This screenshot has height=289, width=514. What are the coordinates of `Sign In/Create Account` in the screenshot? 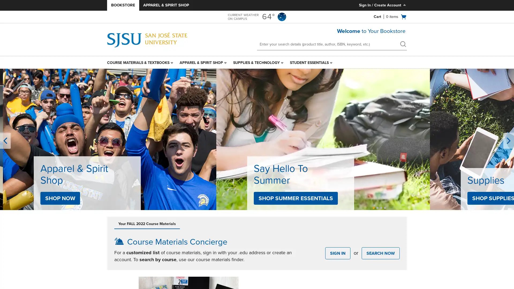 It's located at (383, 5).